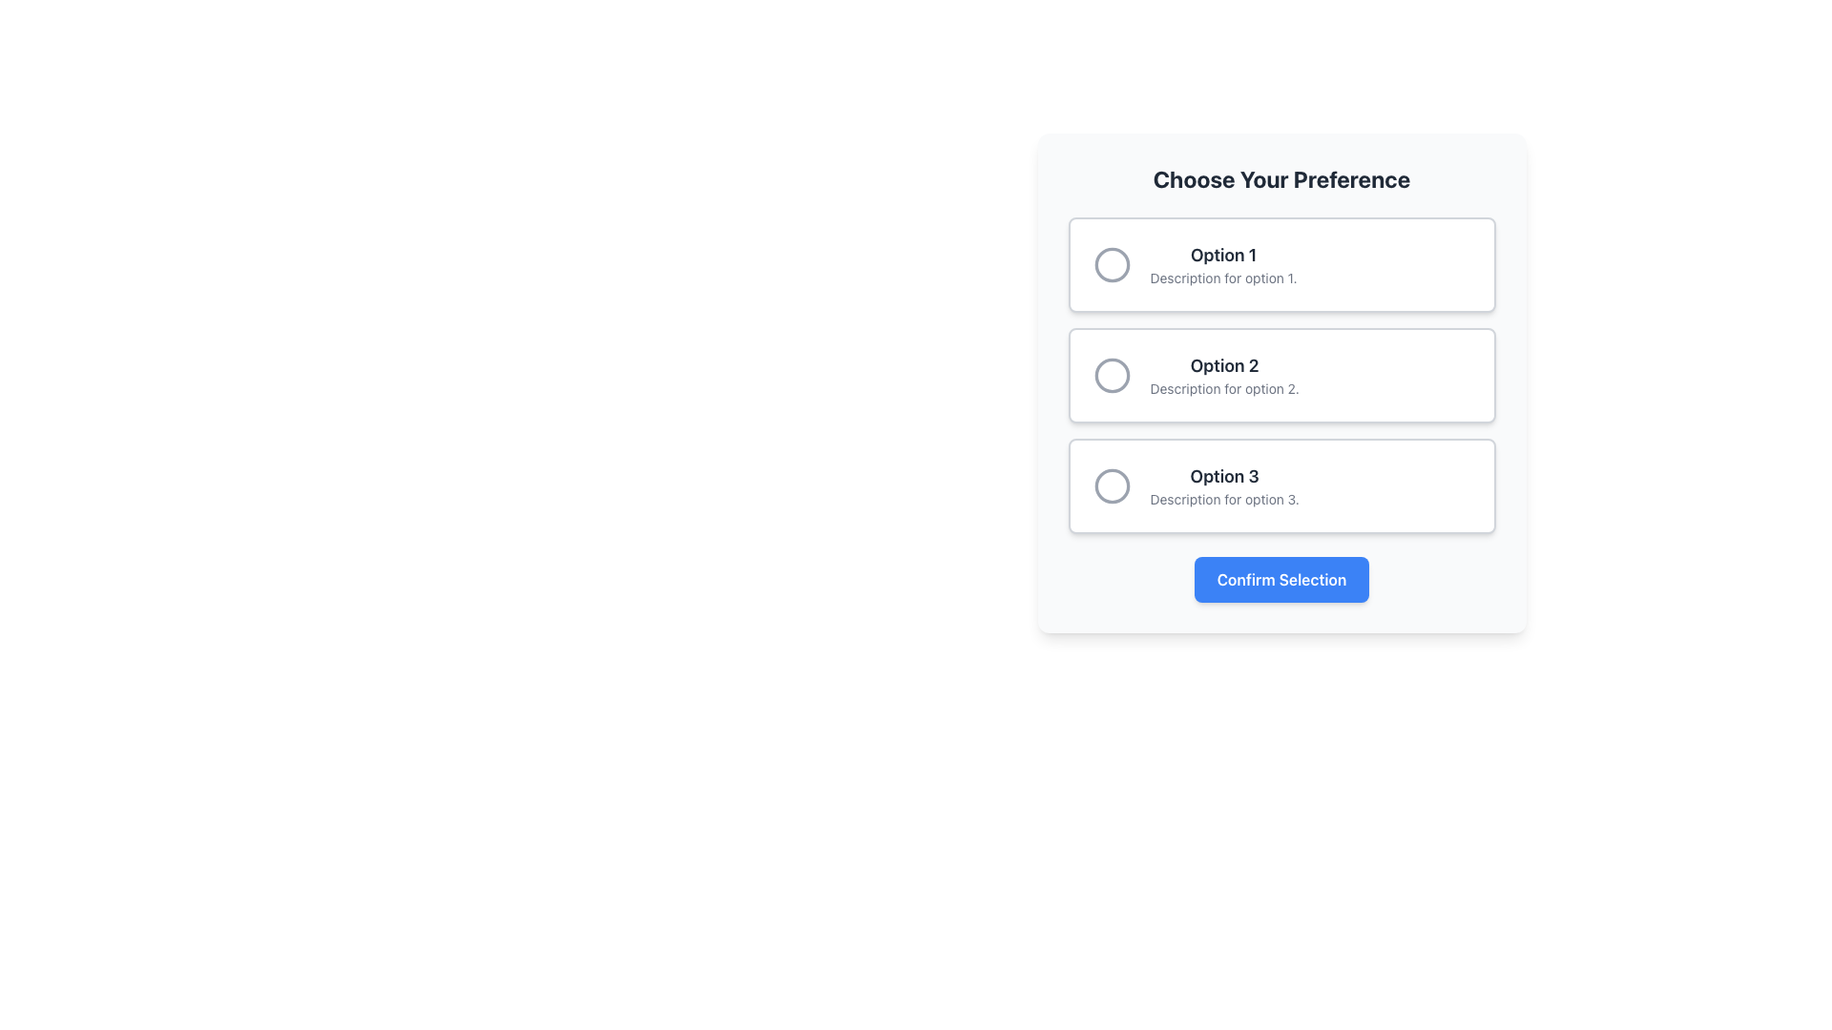 This screenshot has width=1832, height=1030. What do you see at coordinates (1224, 499) in the screenshot?
I see `displayed text from the Text Label located below 'Option 3', which provides additional context for 'Option 3'` at bounding box center [1224, 499].